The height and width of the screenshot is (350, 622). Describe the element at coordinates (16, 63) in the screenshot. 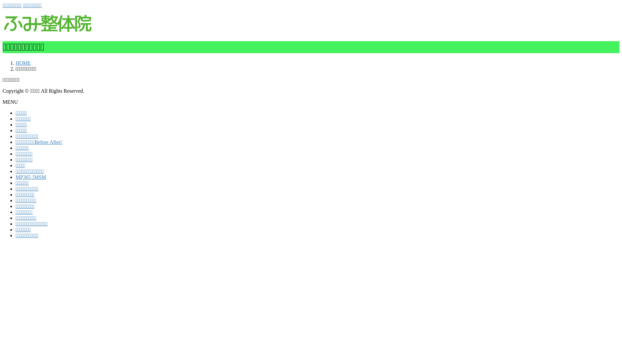

I see `'HOME'` at that location.